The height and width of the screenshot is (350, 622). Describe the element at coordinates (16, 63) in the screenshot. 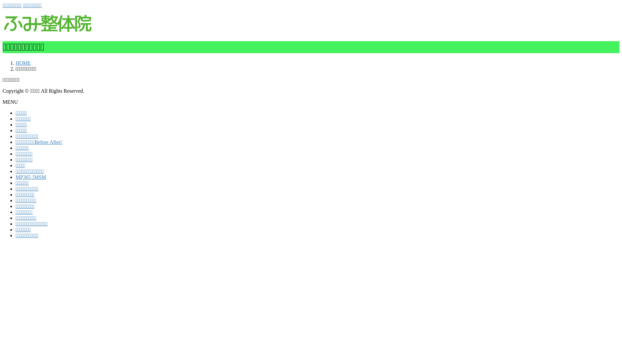

I see `'HOME'` at that location.